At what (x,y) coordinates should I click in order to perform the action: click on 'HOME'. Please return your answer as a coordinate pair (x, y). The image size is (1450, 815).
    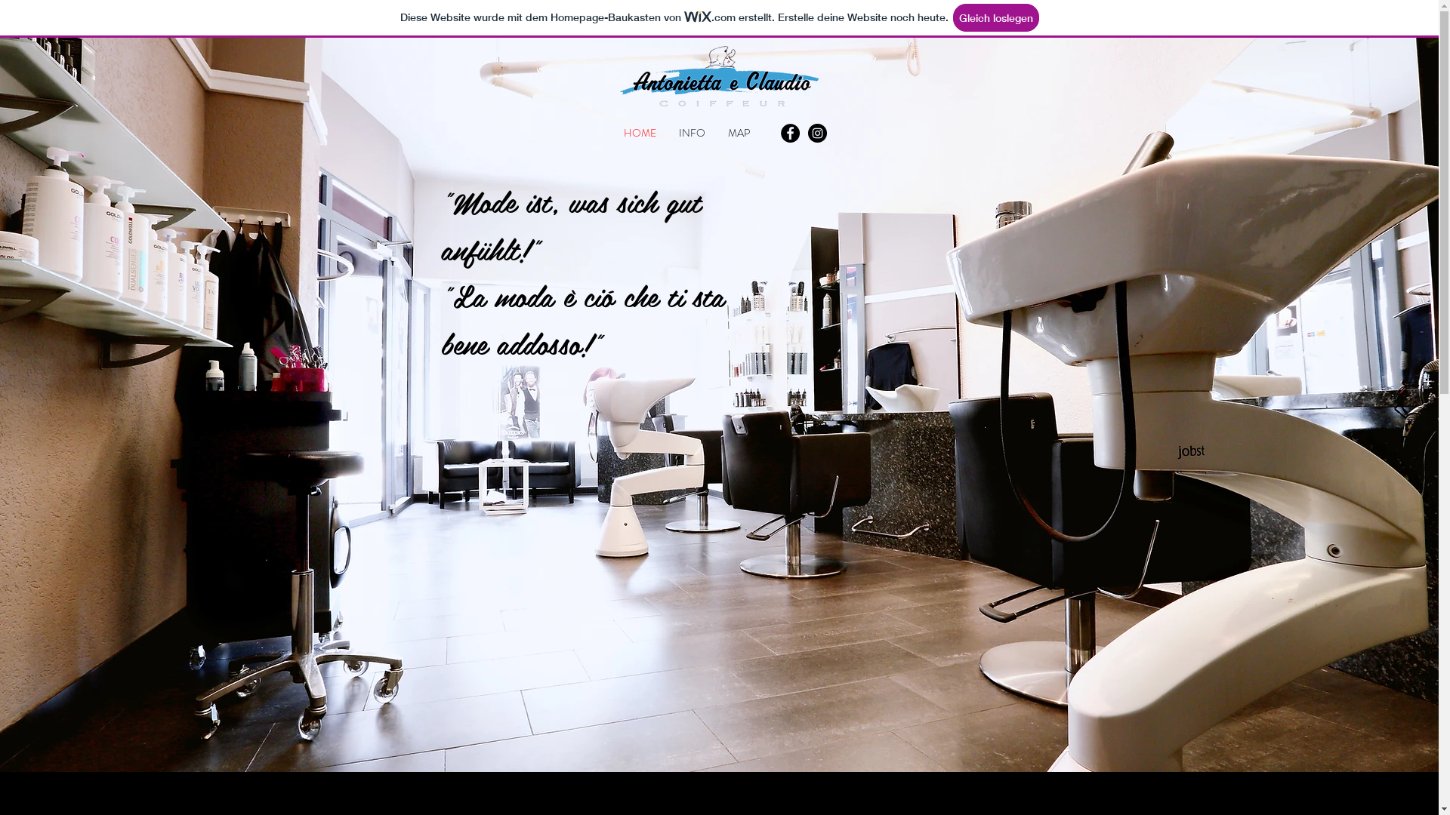
    Looking at the image, I should click on (639, 132).